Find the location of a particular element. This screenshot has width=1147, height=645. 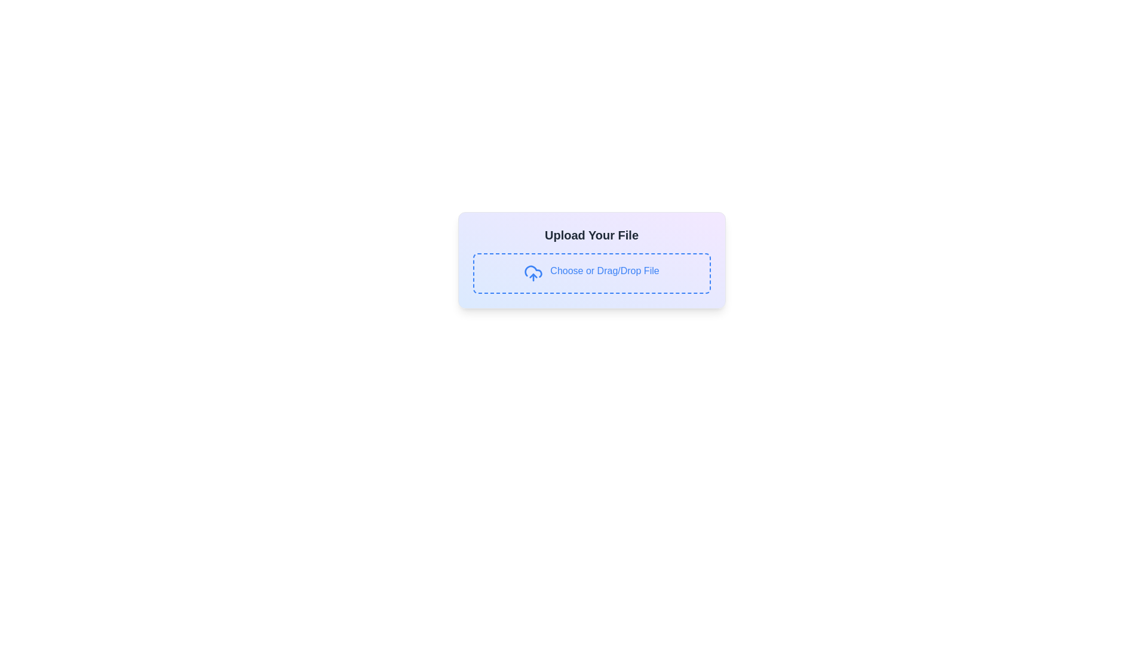

the bold heading text that reads 'Upload Your File', which is centrally located above a dashed bordered box labeled 'Choose or Drag/Drop File' is located at coordinates (591, 235).